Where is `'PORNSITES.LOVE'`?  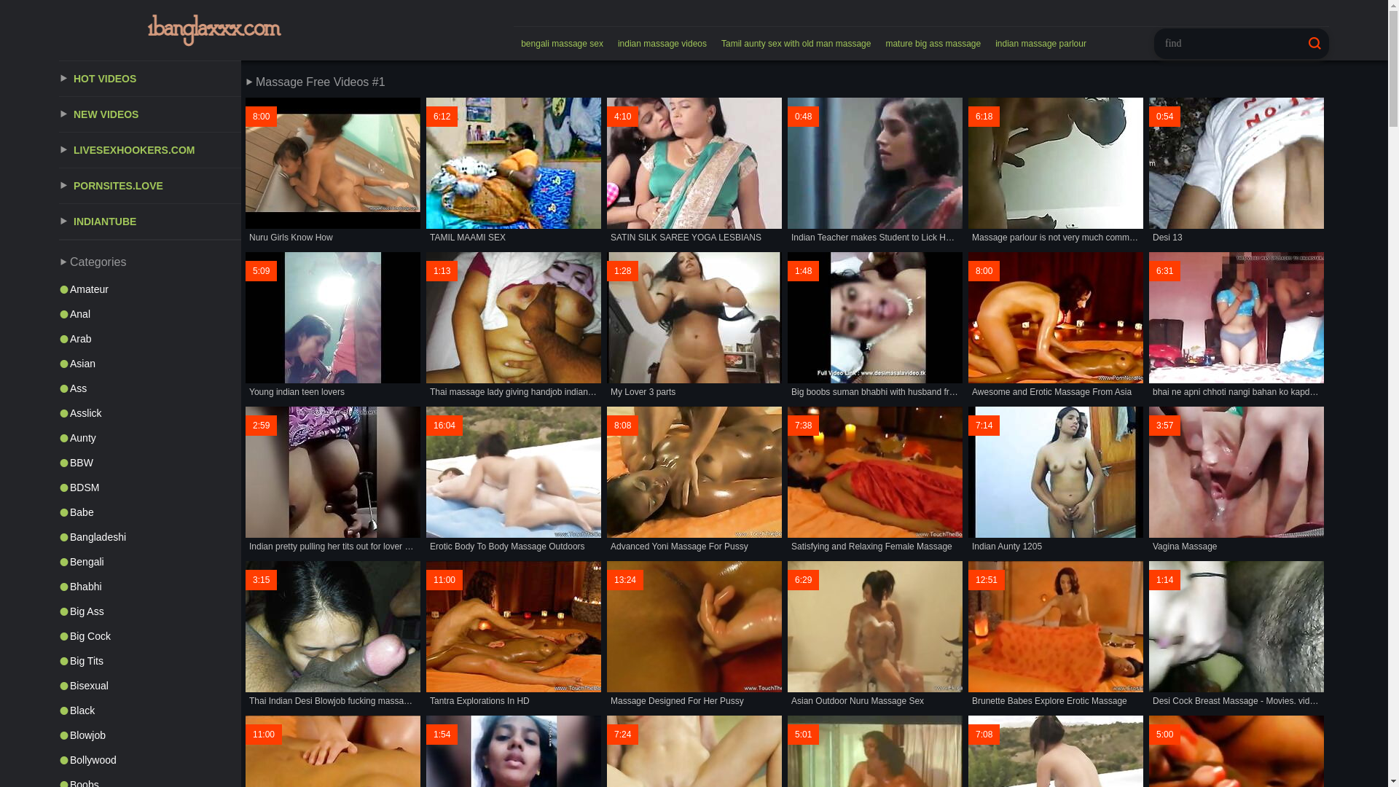
'PORNSITES.LOVE' is located at coordinates (150, 185).